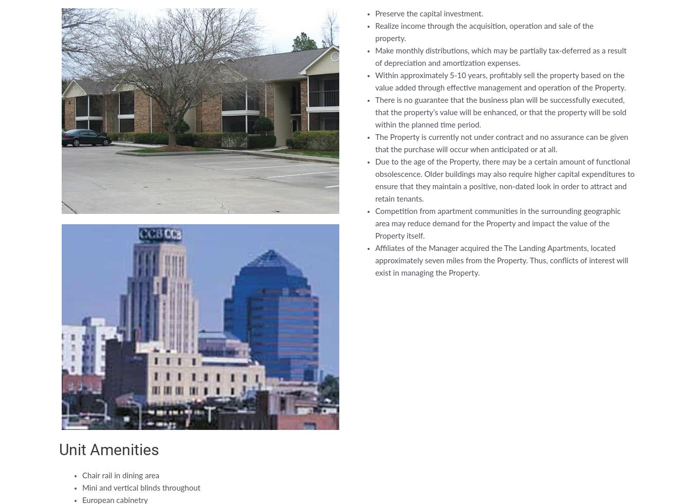 This screenshot has width=694, height=504. I want to click on 'property.', so click(390, 39).